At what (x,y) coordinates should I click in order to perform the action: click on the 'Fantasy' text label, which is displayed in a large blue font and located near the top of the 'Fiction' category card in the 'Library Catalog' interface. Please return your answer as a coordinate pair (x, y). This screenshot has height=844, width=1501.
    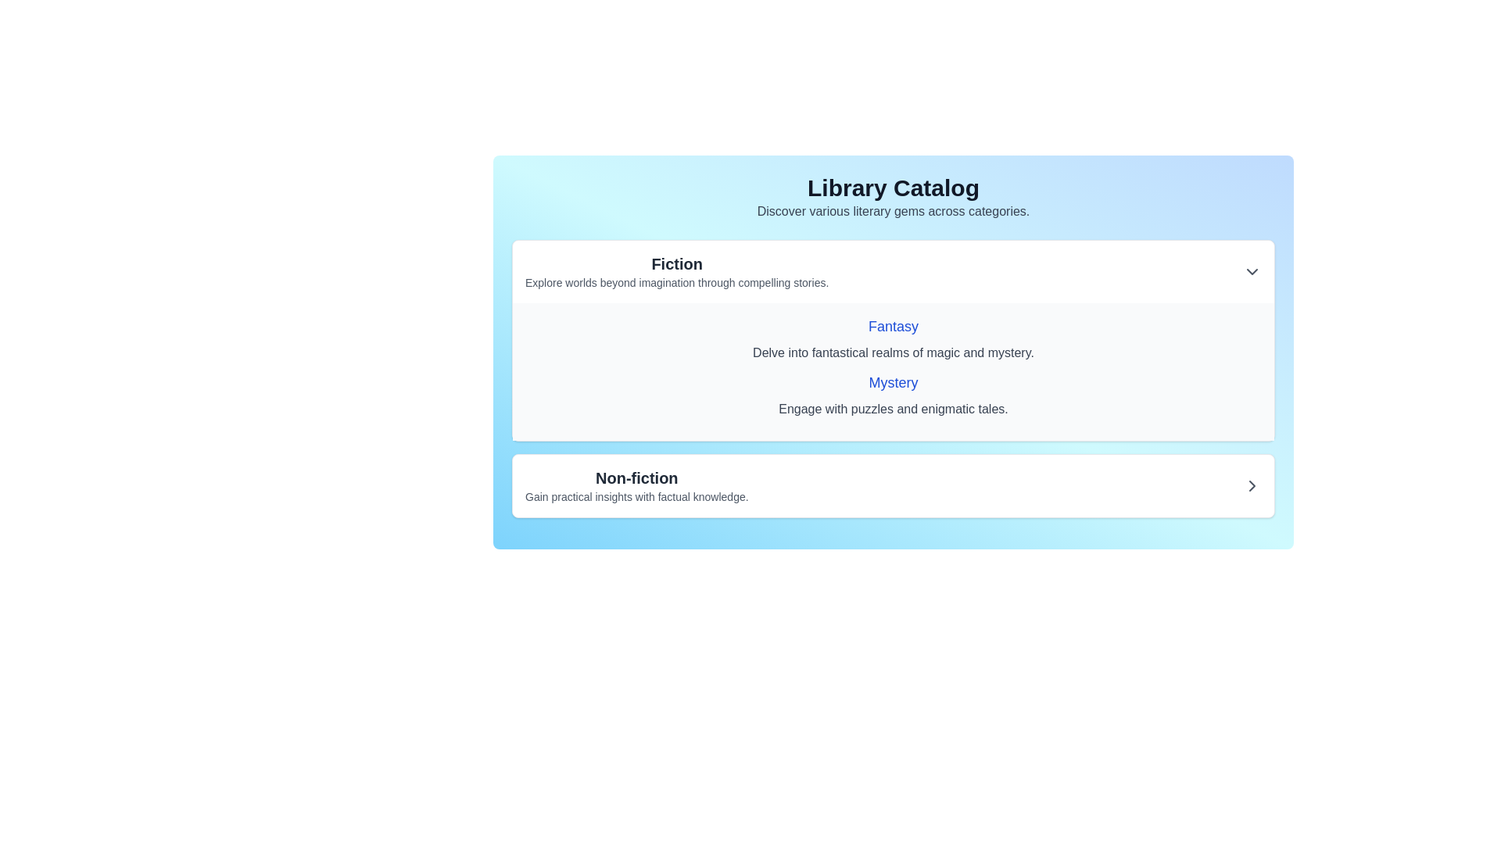
    Looking at the image, I should click on (893, 325).